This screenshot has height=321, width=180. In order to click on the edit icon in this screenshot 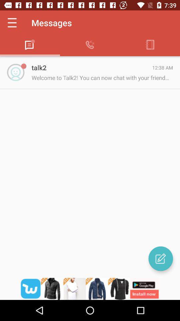, I will do `click(160, 258)`.